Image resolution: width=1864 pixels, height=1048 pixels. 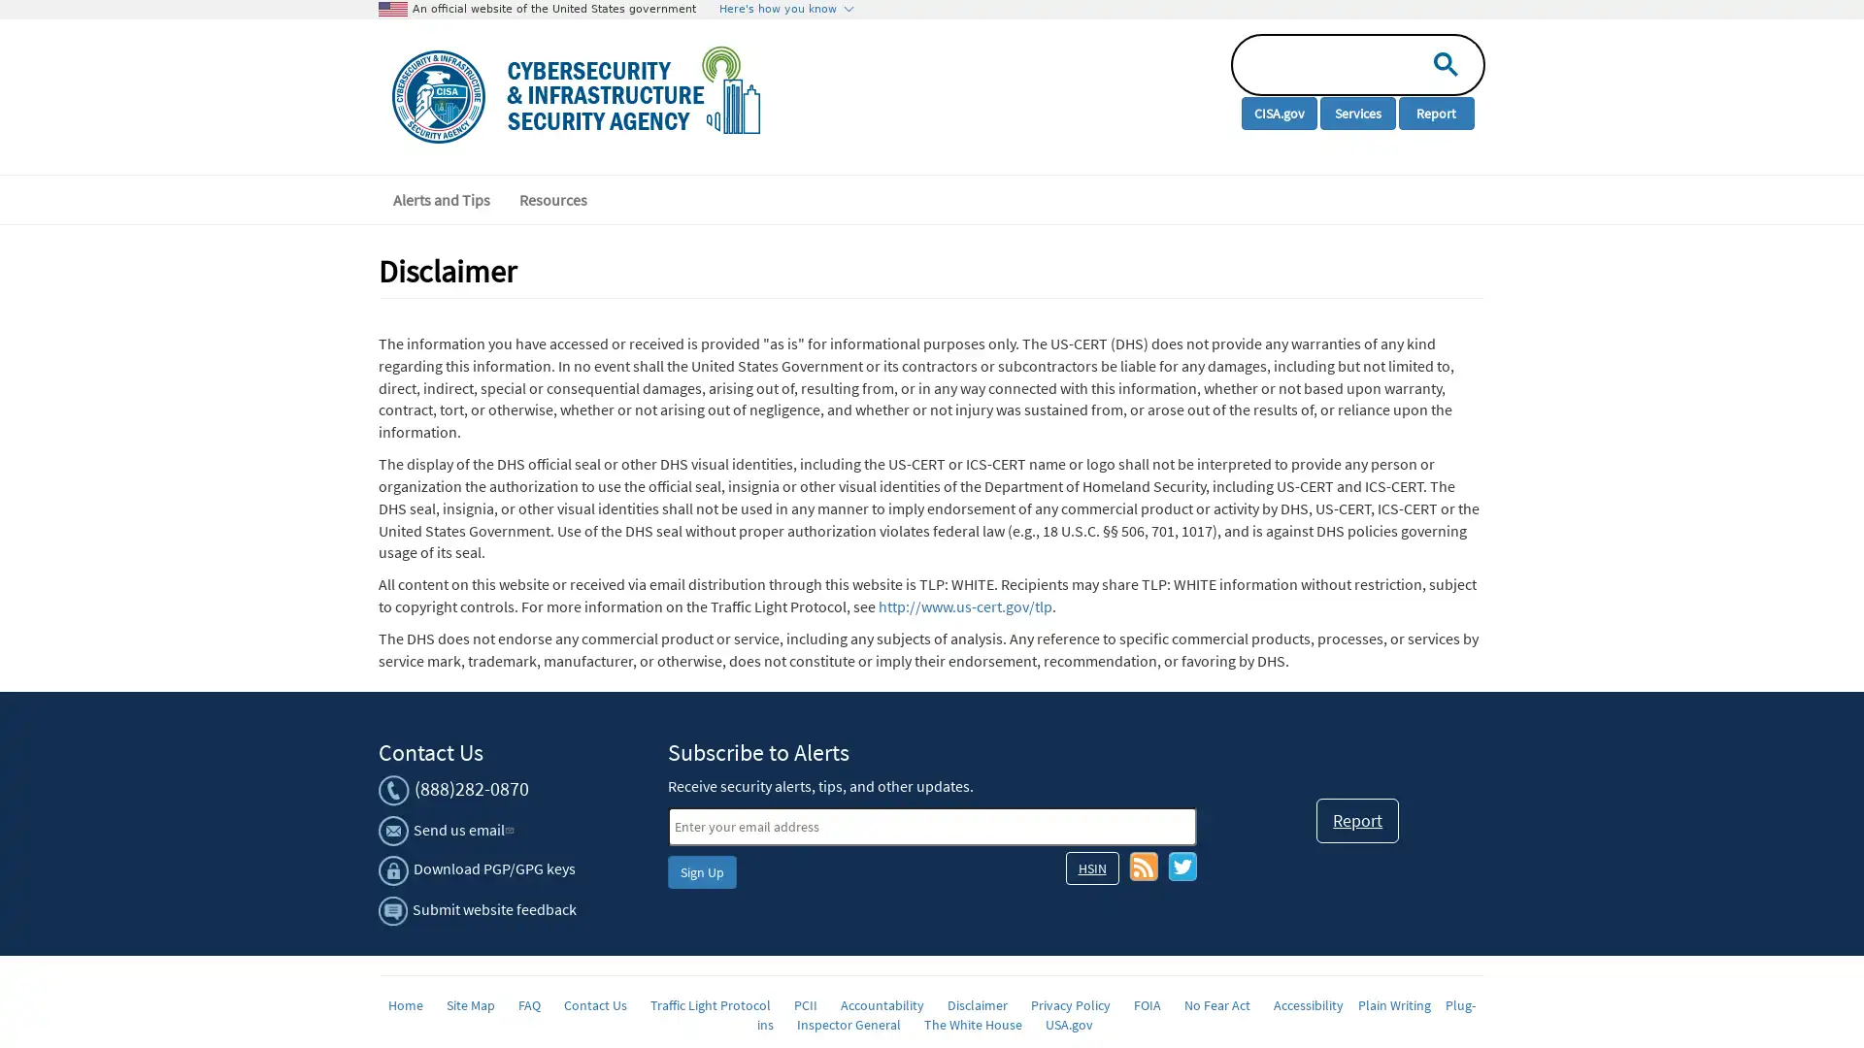 What do you see at coordinates (700, 870) in the screenshot?
I see `Sign Up` at bounding box center [700, 870].